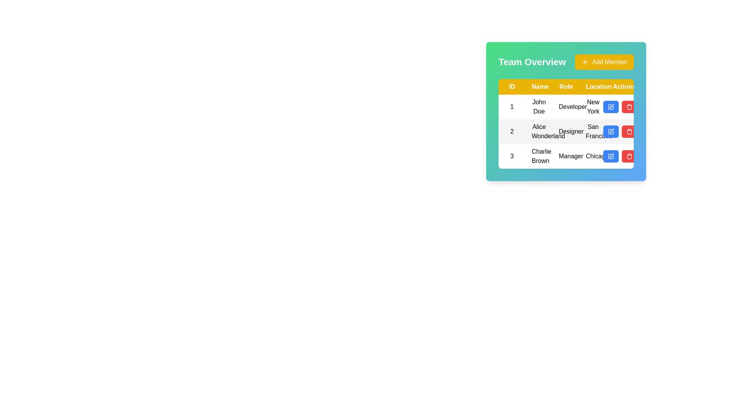 This screenshot has height=417, width=742. What do you see at coordinates (512, 107) in the screenshot?
I see `text content of the cell containing the character '1', which is located in the first column of the first row under the 'ID' header` at bounding box center [512, 107].